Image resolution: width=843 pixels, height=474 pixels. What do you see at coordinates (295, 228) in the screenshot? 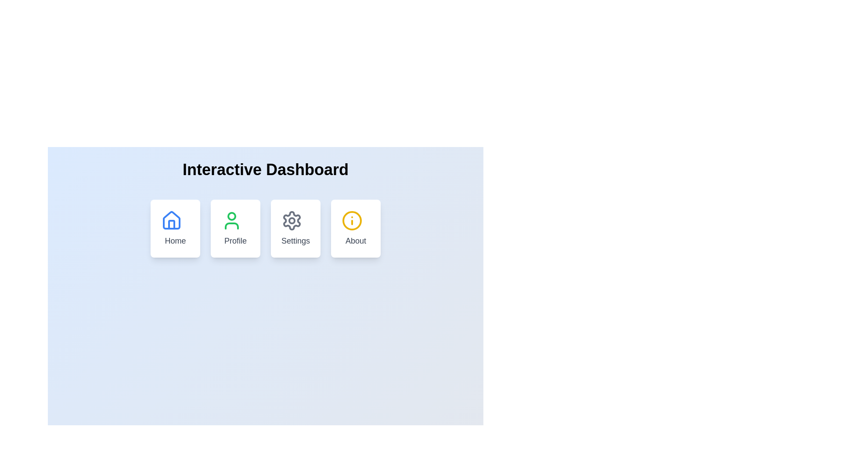
I see `the 'Settings' navigation card, which is the third card in a row of four, positioned between the 'Profile' card on the left and the 'About' card on the right` at bounding box center [295, 228].